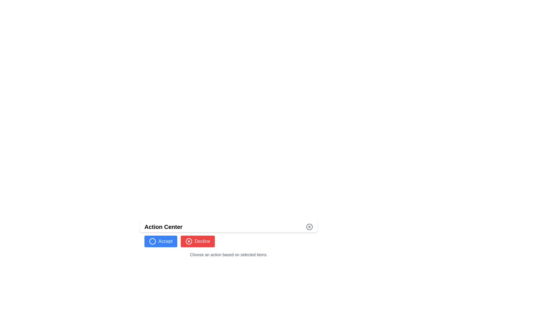  Describe the element at coordinates (189, 241) in the screenshot. I see `the SVG icon element located at the top-right corner of the 'Action Center' module` at that location.